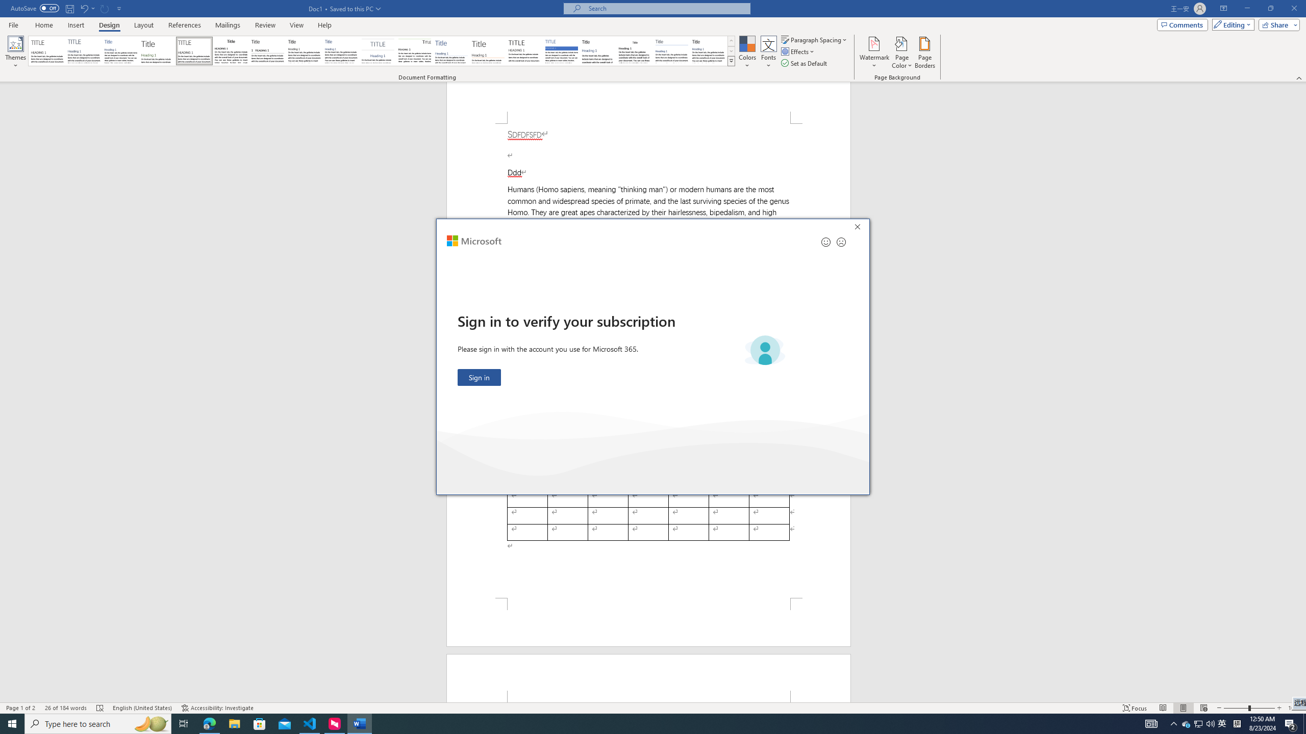 This screenshot has width=1306, height=734. Describe the element at coordinates (1294, 708) in the screenshot. I see `'Zoom 100%'` at that location.